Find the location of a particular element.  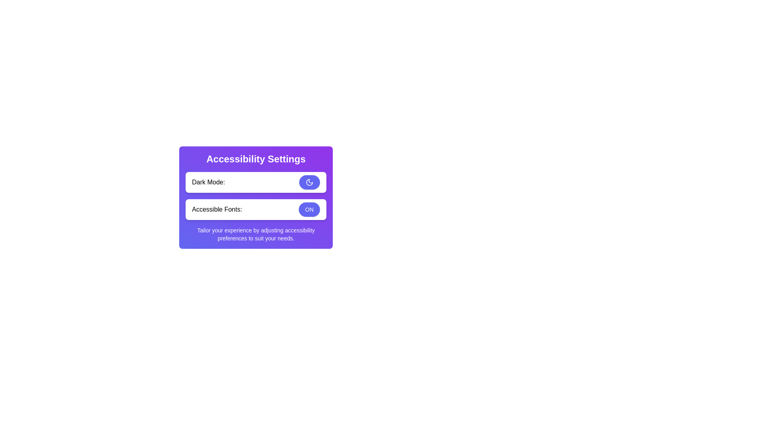

the text label that serves as a context for the 'ON' toggle button is located at coordinates (217, 209).